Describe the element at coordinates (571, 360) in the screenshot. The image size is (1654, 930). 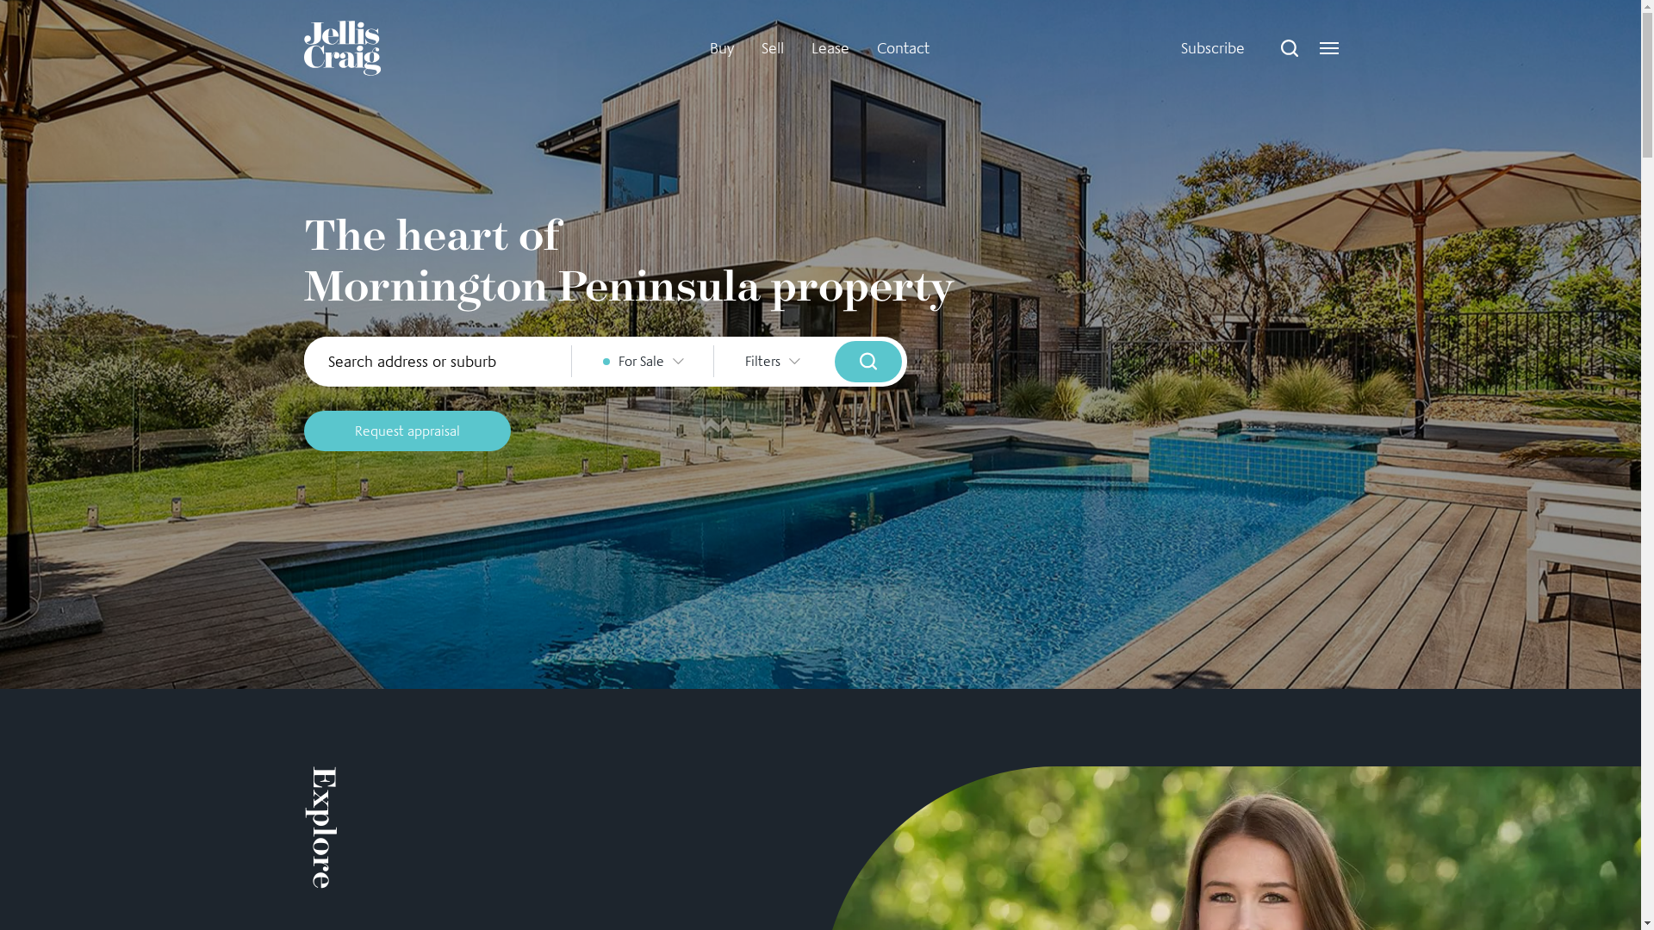
I see `'For Sale'` at that location.